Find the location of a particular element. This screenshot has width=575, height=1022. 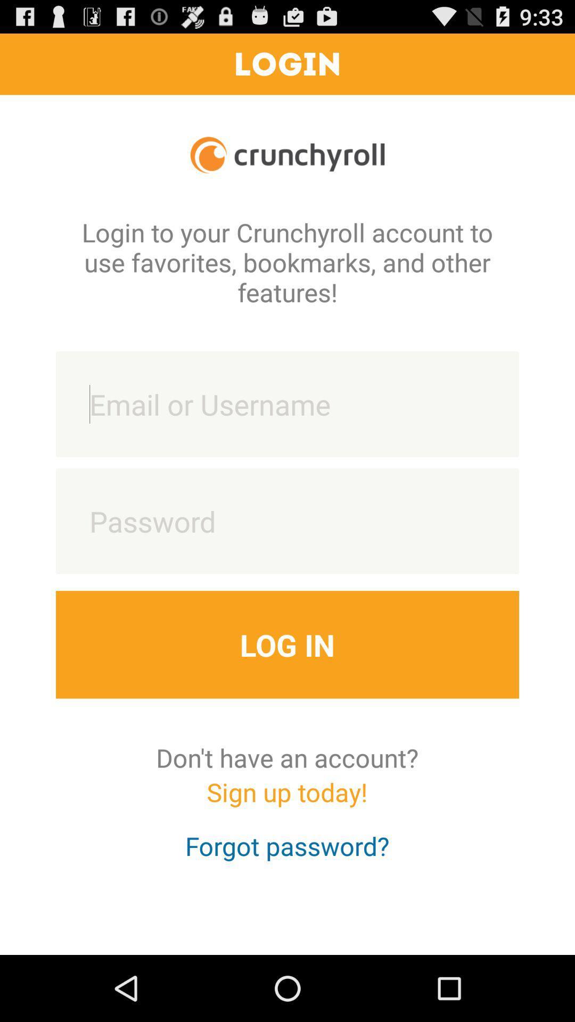

the forgot password? app is located at coordinates (286, 855).